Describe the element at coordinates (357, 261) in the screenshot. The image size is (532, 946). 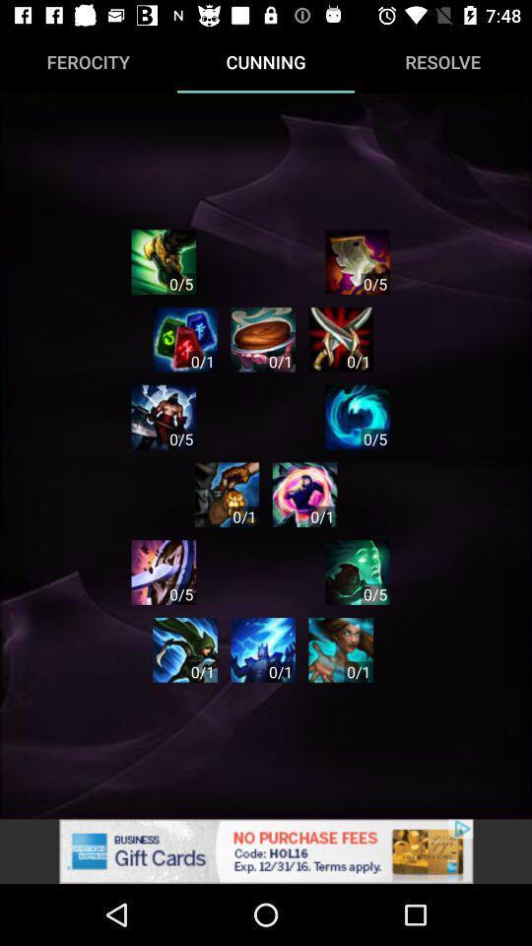
I see `the app` at that location.